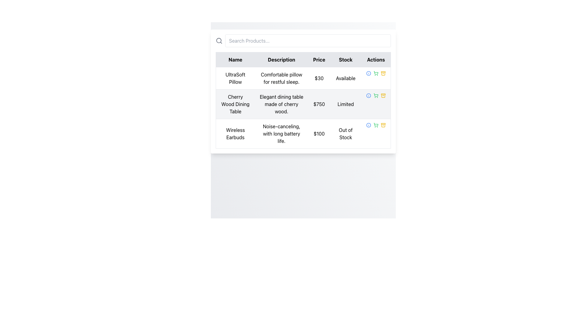 The image size is (585, 329). I want to click on the descriptive text element for the 'Cherry Wood Dining Table' located in the second row and second column of the product listing table under the 'Description' header, so click(281, 104).